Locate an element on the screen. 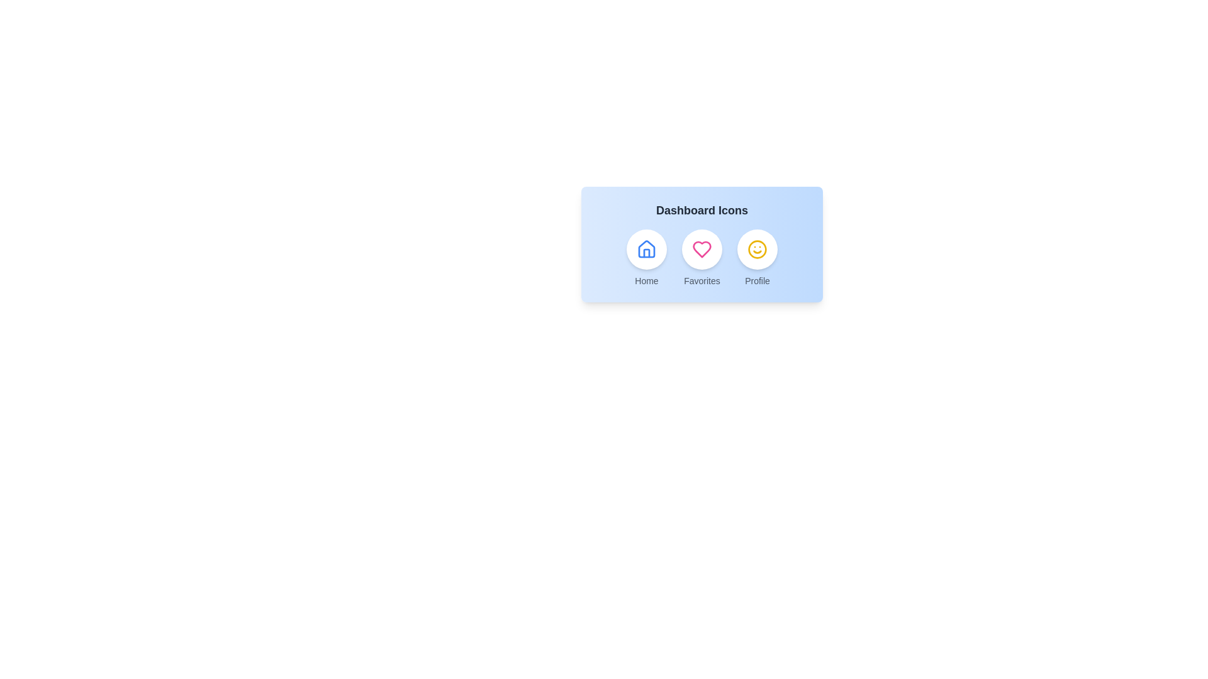  the circular icon with a yellow smiling face illustration, titled 'Profile' is located at coordinates (757, 250).